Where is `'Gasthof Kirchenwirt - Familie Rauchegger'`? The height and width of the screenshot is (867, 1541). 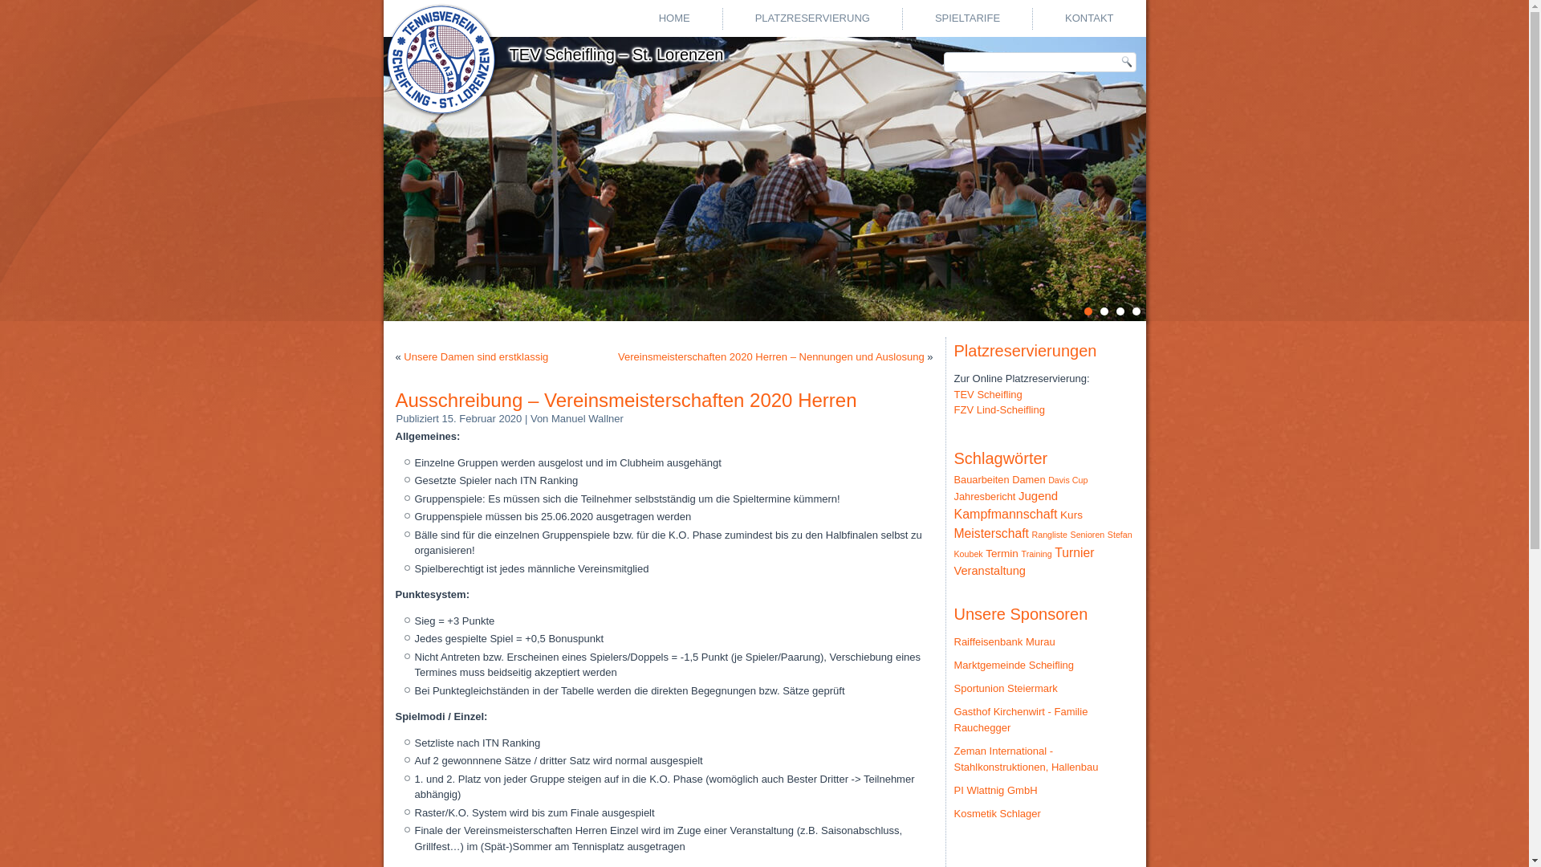 'Gasthof Kirchenwirt - Familie Rauchegger' is located at coordinates (953, 718).